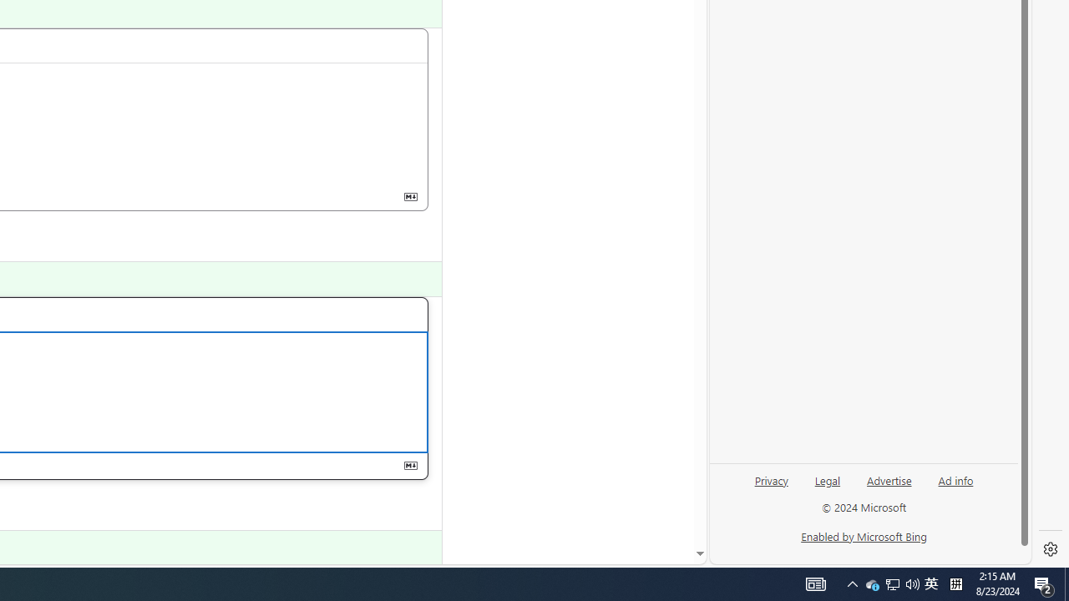  Describe the element at coordinates (955, 487) in the screenshot. I see `'Ad info'` at that location.